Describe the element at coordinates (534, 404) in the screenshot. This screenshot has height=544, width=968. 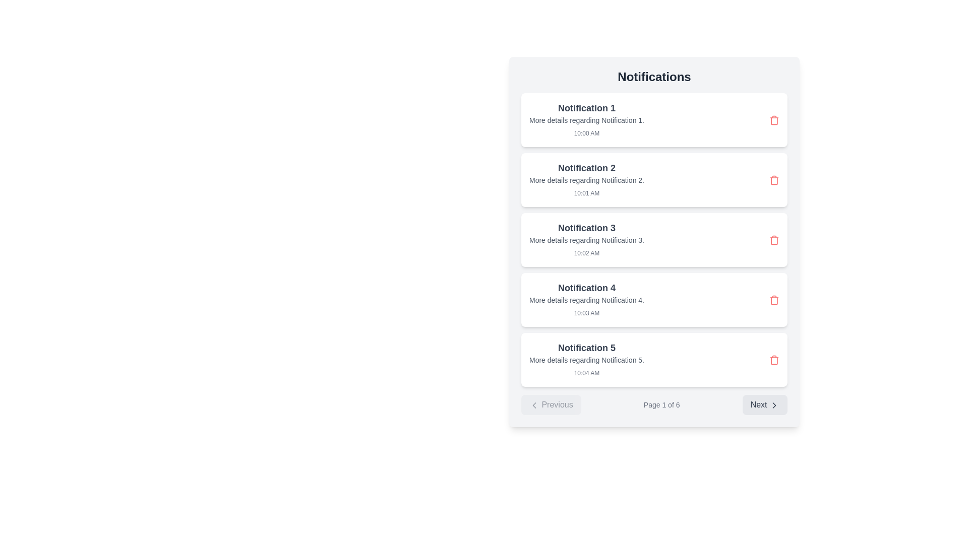
I see `the chevron-style arrow icon, which is part of the 'Previous' button located at the bottom-left corner of the interface` at that location.